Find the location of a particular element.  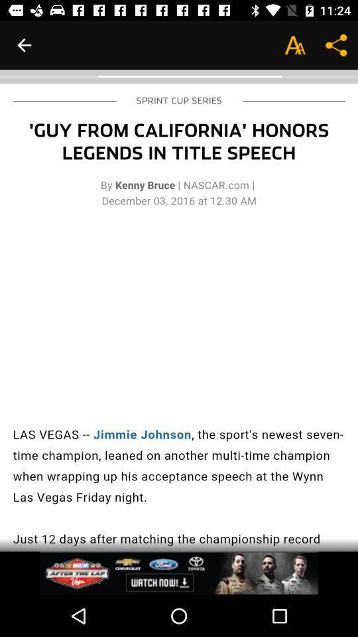

the option is located at coordinates (179, 573).